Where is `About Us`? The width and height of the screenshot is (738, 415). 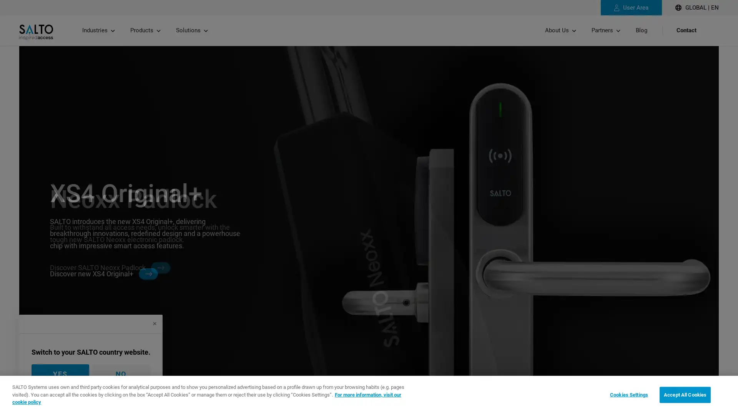
About Us is located at coordinates (560, 30).